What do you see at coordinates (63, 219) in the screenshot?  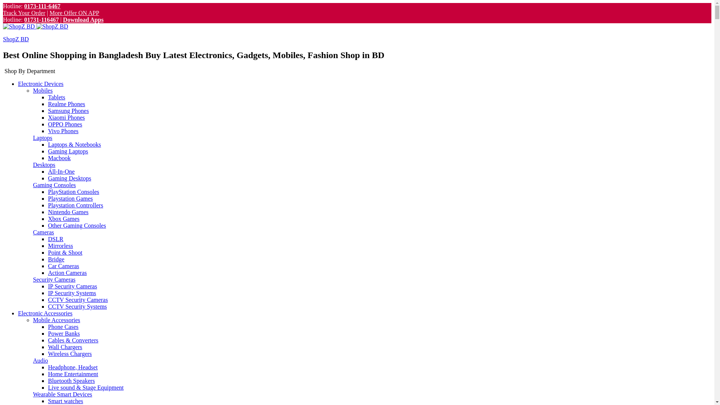 I see `'Xbox Games'` at bounding box center [63, 219].